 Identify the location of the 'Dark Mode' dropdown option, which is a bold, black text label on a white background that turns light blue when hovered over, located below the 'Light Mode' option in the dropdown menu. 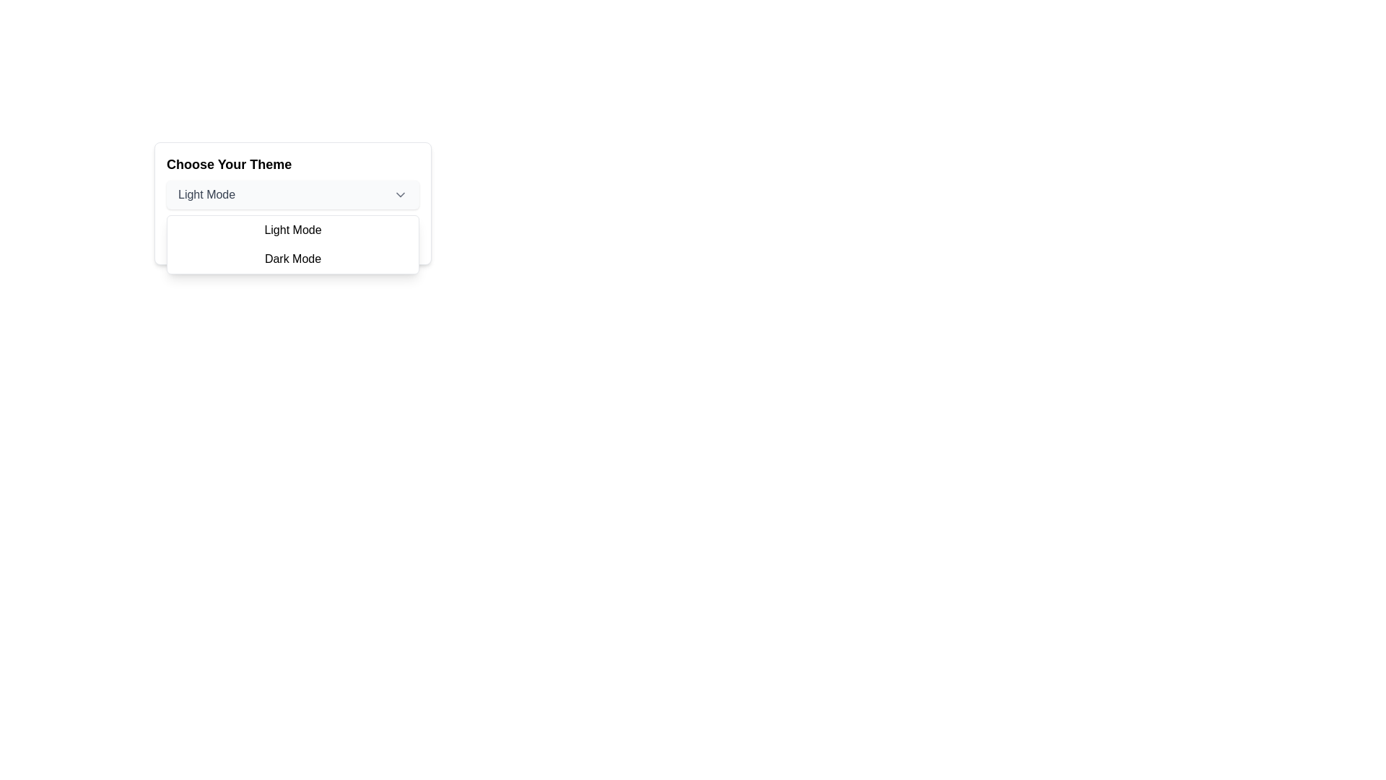
(292, 258).